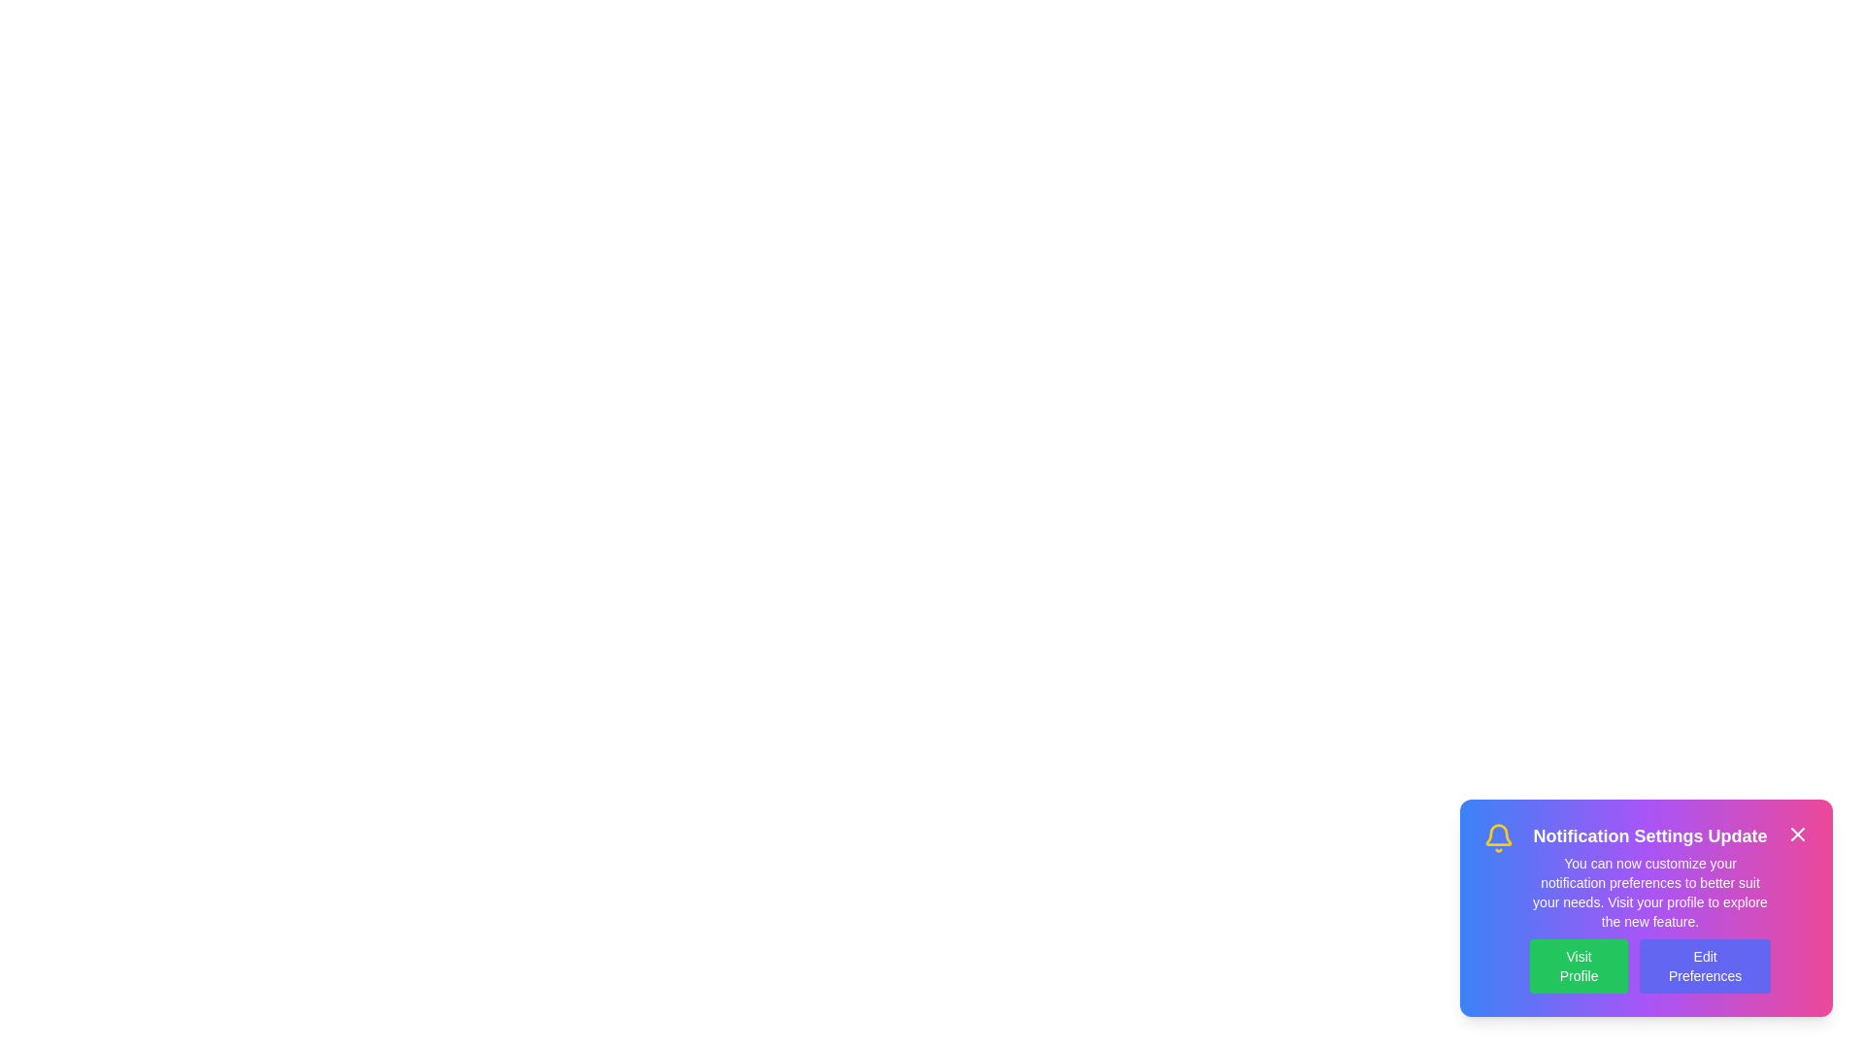  What do you see at coordinates (1579, 966) in the screenshot?
I see `the 'Visit Profile' button to navigate to the profile settings` at bounding box center [1579, 966].